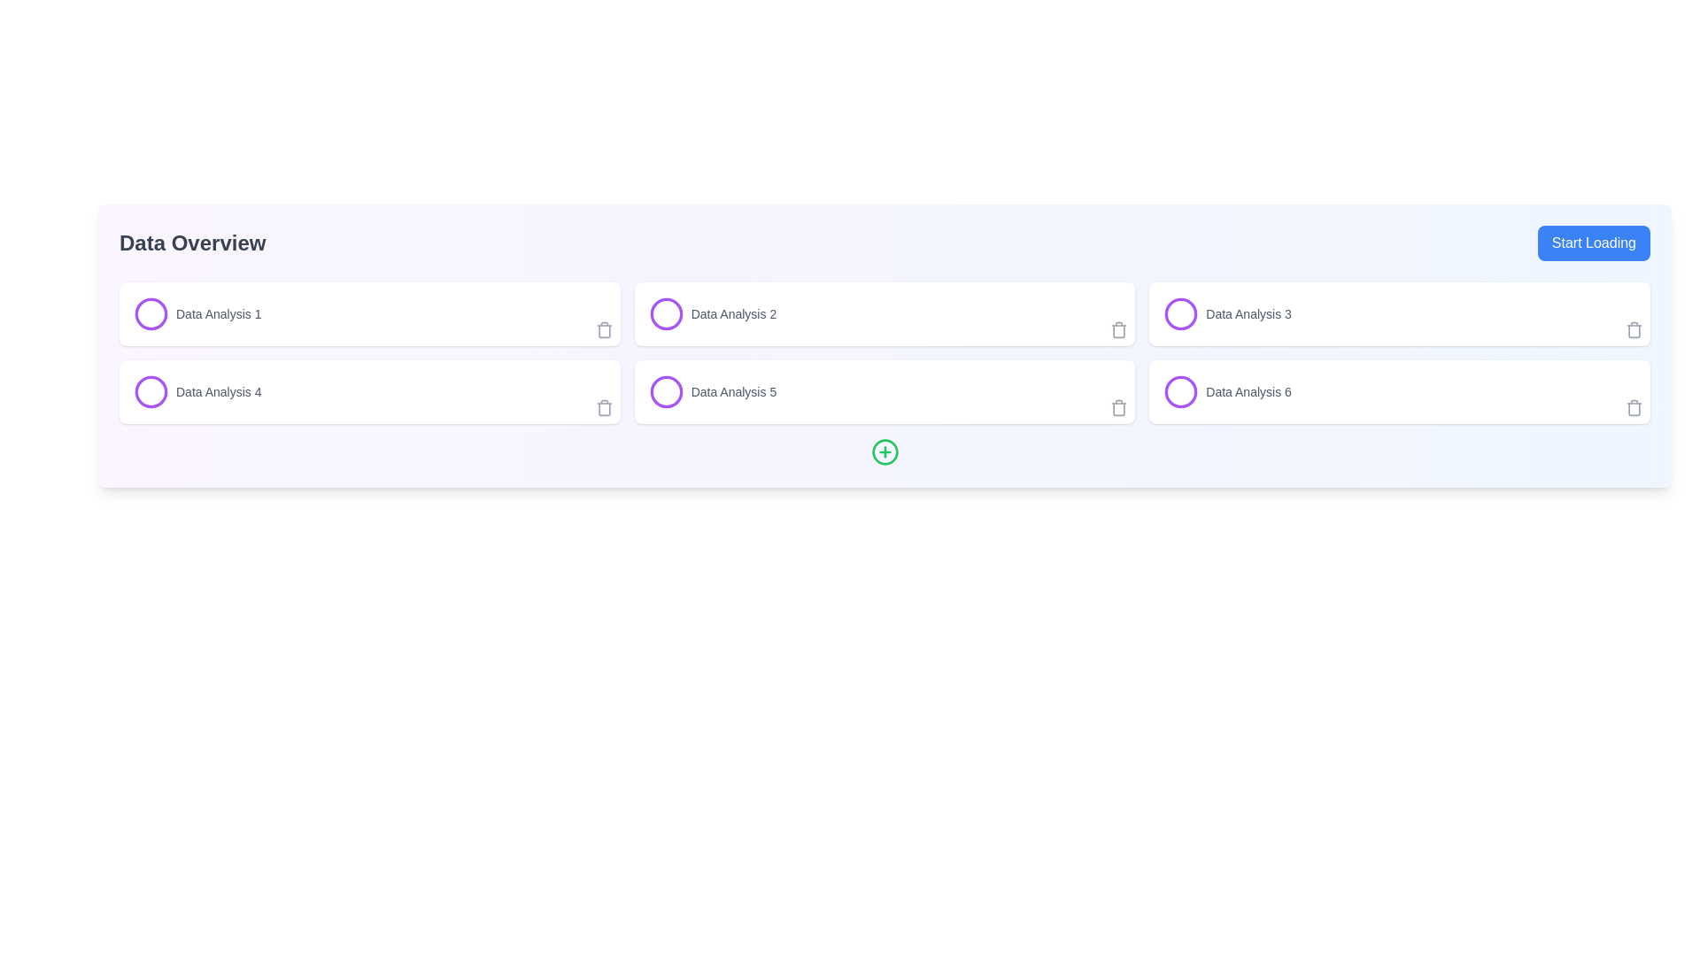 The width and height of the screenshot is (1700, 956). Describe the element at coordinates (1248, 391) in the screenshot. I see `the text label located in the lower-right section of the interface, which is the rightmost item in the second row of a grid, next to a circular icon with a purple outline` at that location.